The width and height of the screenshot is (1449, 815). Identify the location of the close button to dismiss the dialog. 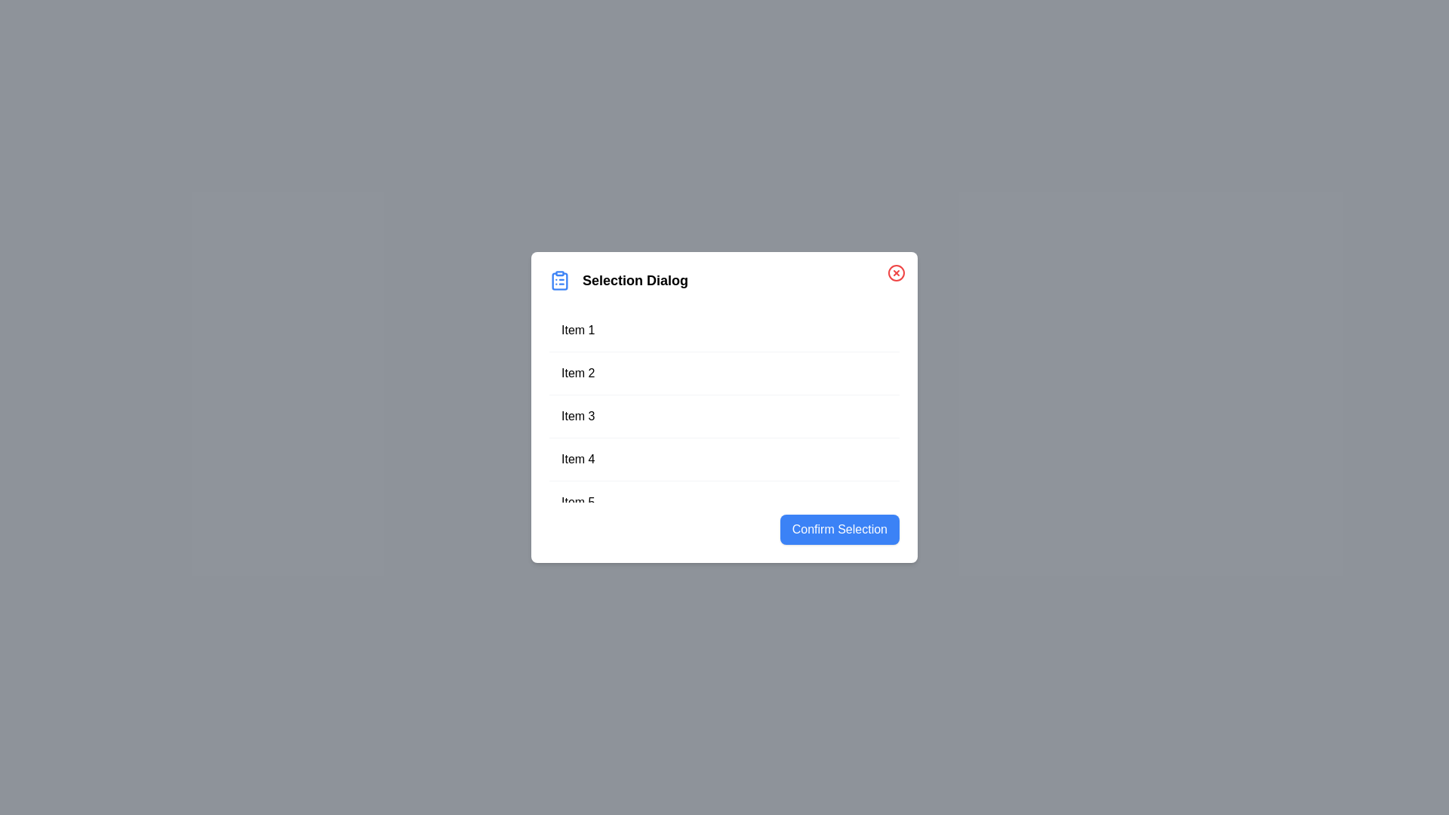
(897, 273).